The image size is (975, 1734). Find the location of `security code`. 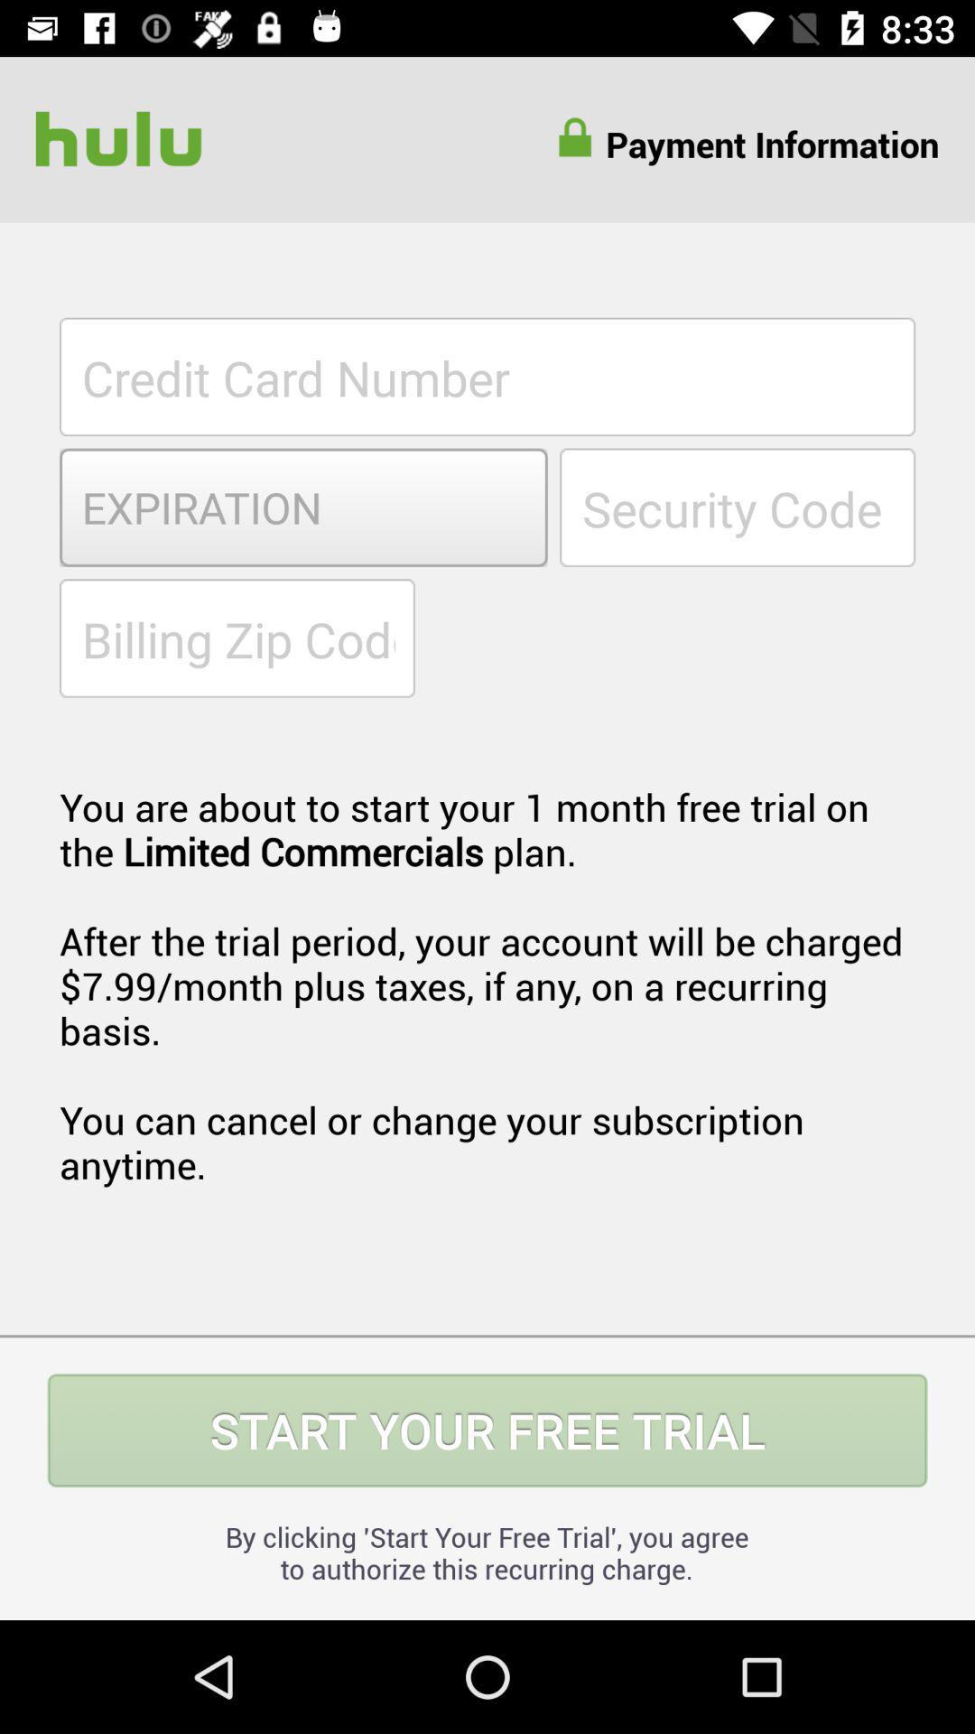

security code is located at coordinates (738, 507).